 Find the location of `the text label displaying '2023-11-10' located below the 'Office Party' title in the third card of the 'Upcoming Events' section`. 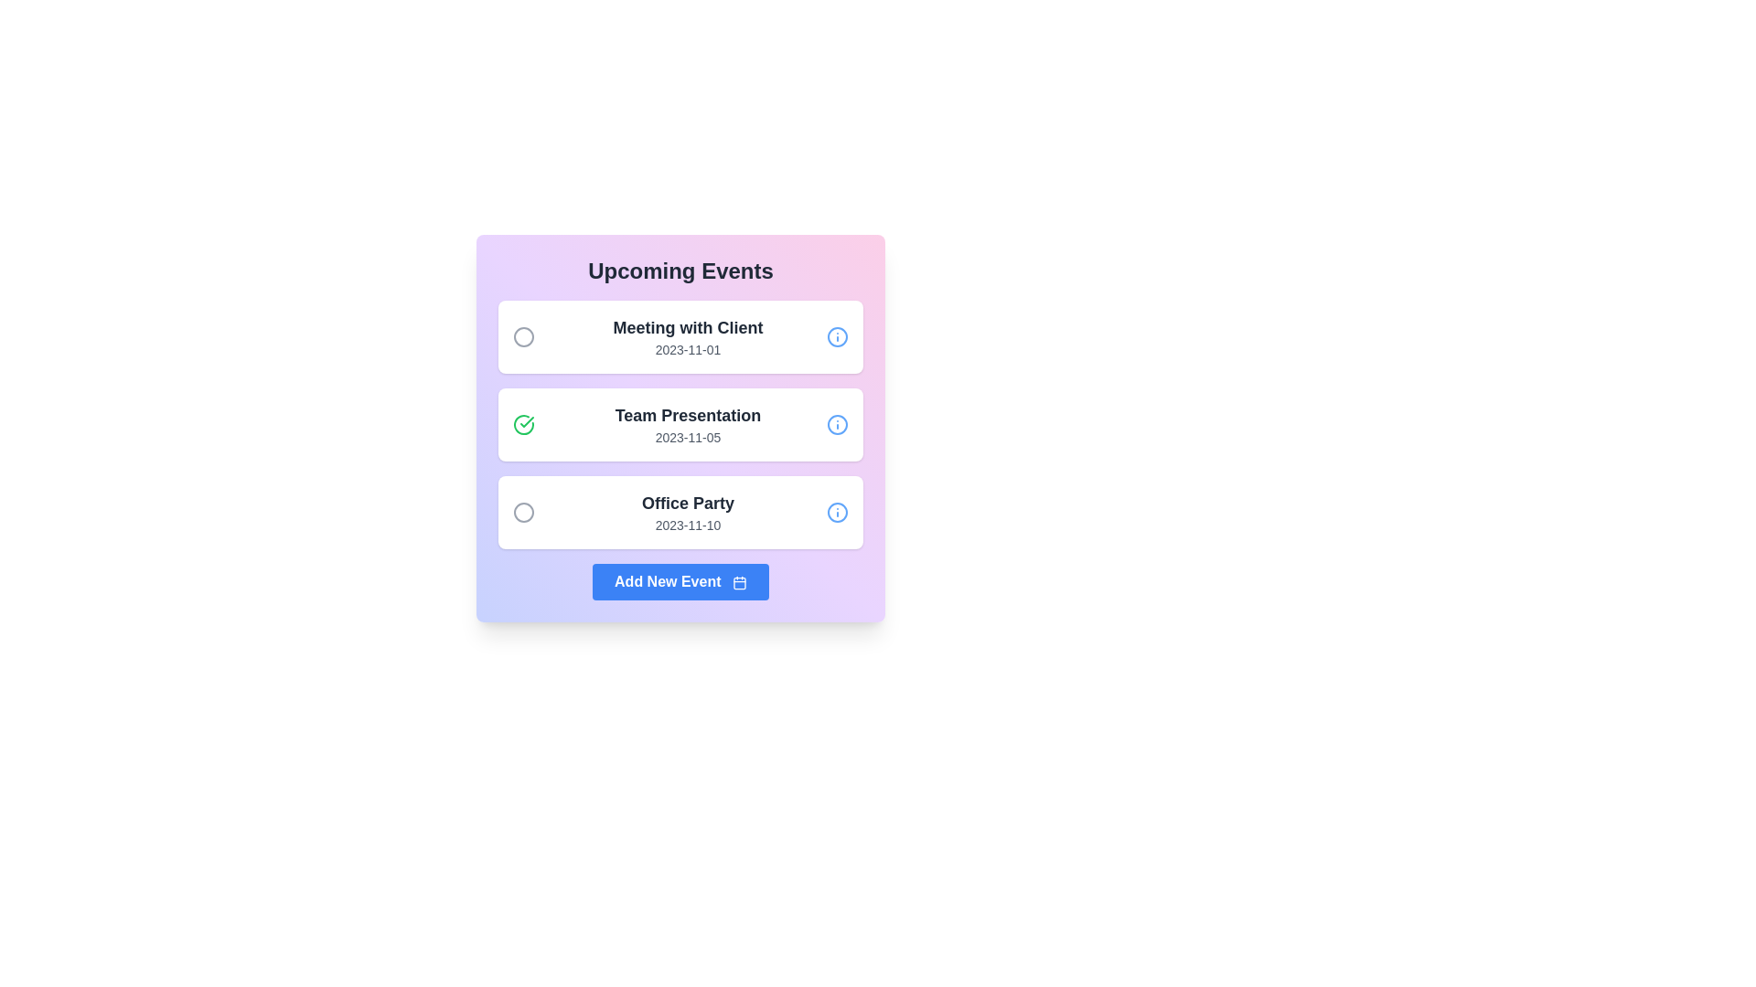

the text label displaying '2023-11-10' located below the 'Office Party' title in the third card of the 'Upcoming Events' section is located at coordinates (687, 525).